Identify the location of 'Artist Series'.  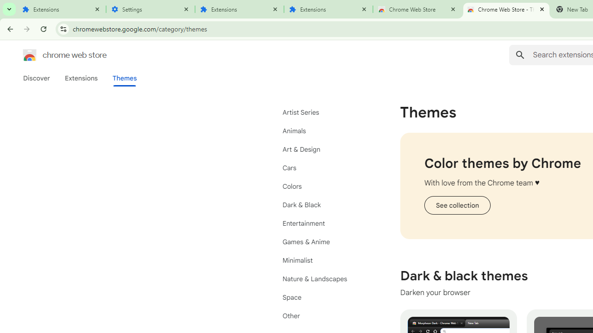
(324, 112).